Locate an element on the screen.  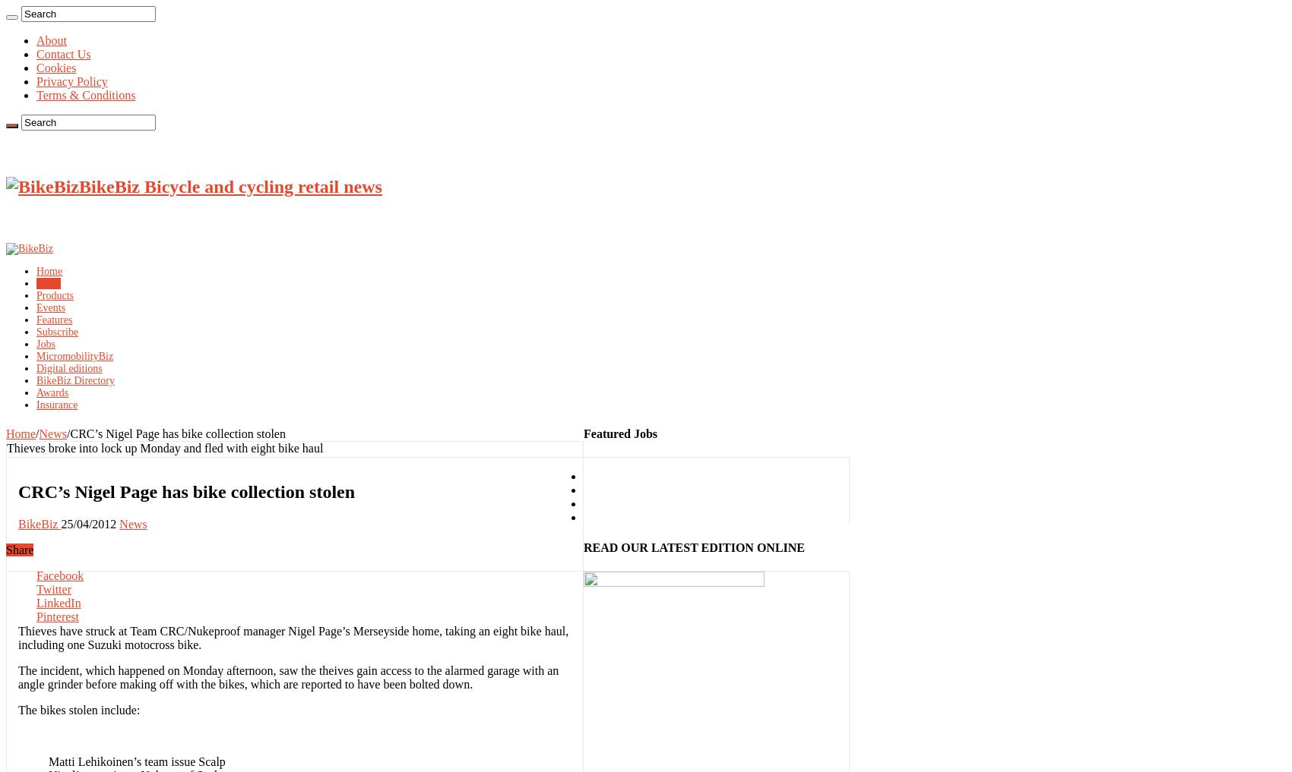
'The incident, which happened on Monday afternoon, saw the theives gain access to the alarmed garage with an angle grinder before making off with the bikes, which are reported to have been bolted down.' is located at coordinates (287, 676).